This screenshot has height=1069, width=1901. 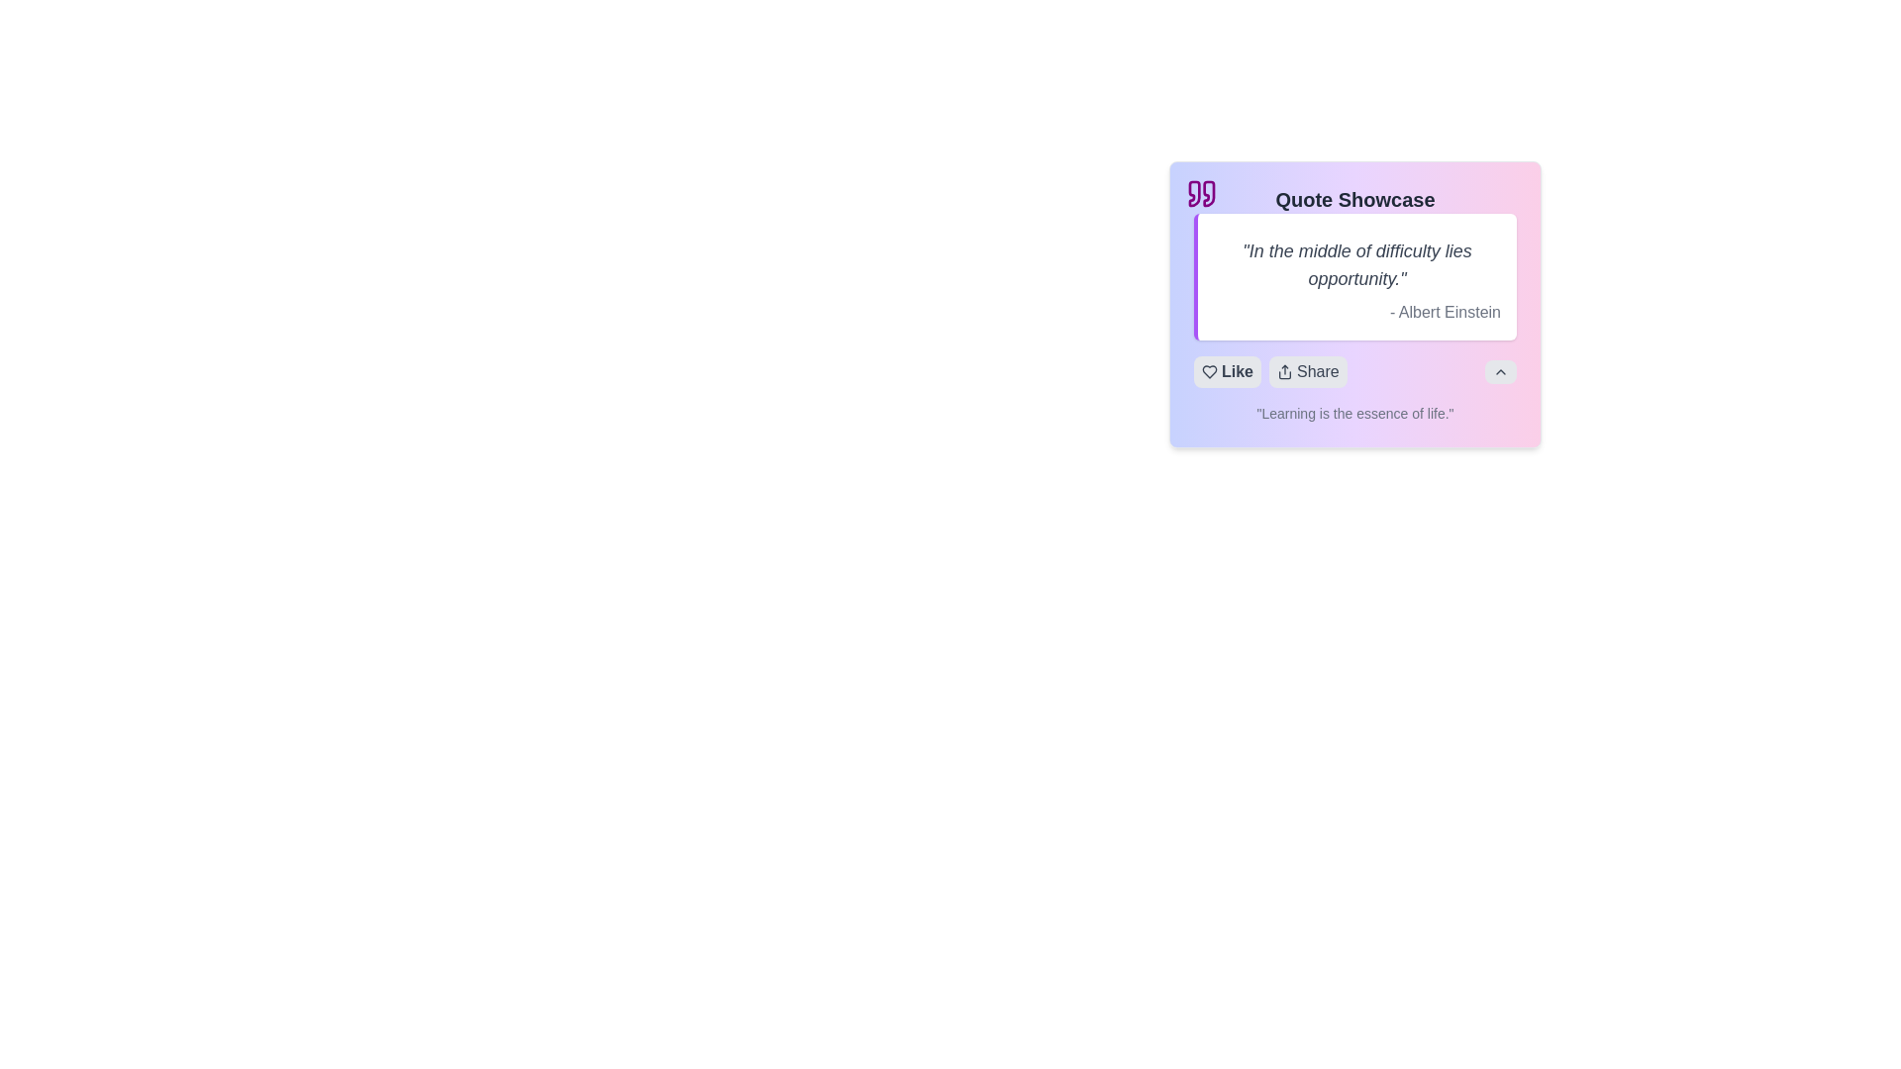 What do you see at coordinates (1353, 199) in the screenshot?
I see `bold text label 'Quote Showcase' which is prominently displayed at the top center of a rectangular card with a gradient background` at bounding box center [1353, 199].